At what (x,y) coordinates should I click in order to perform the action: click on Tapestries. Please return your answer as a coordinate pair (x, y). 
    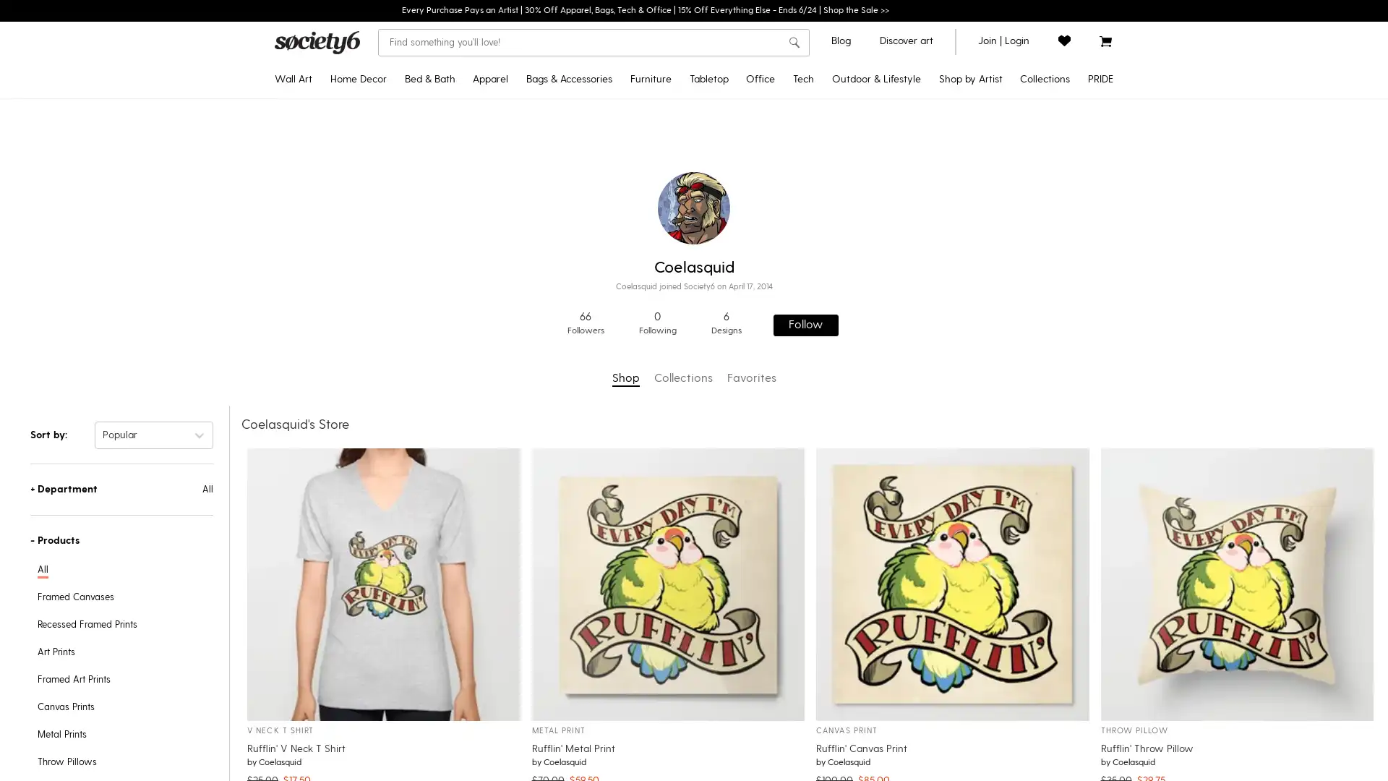
    Looking at the image, I should click on (340, 231).